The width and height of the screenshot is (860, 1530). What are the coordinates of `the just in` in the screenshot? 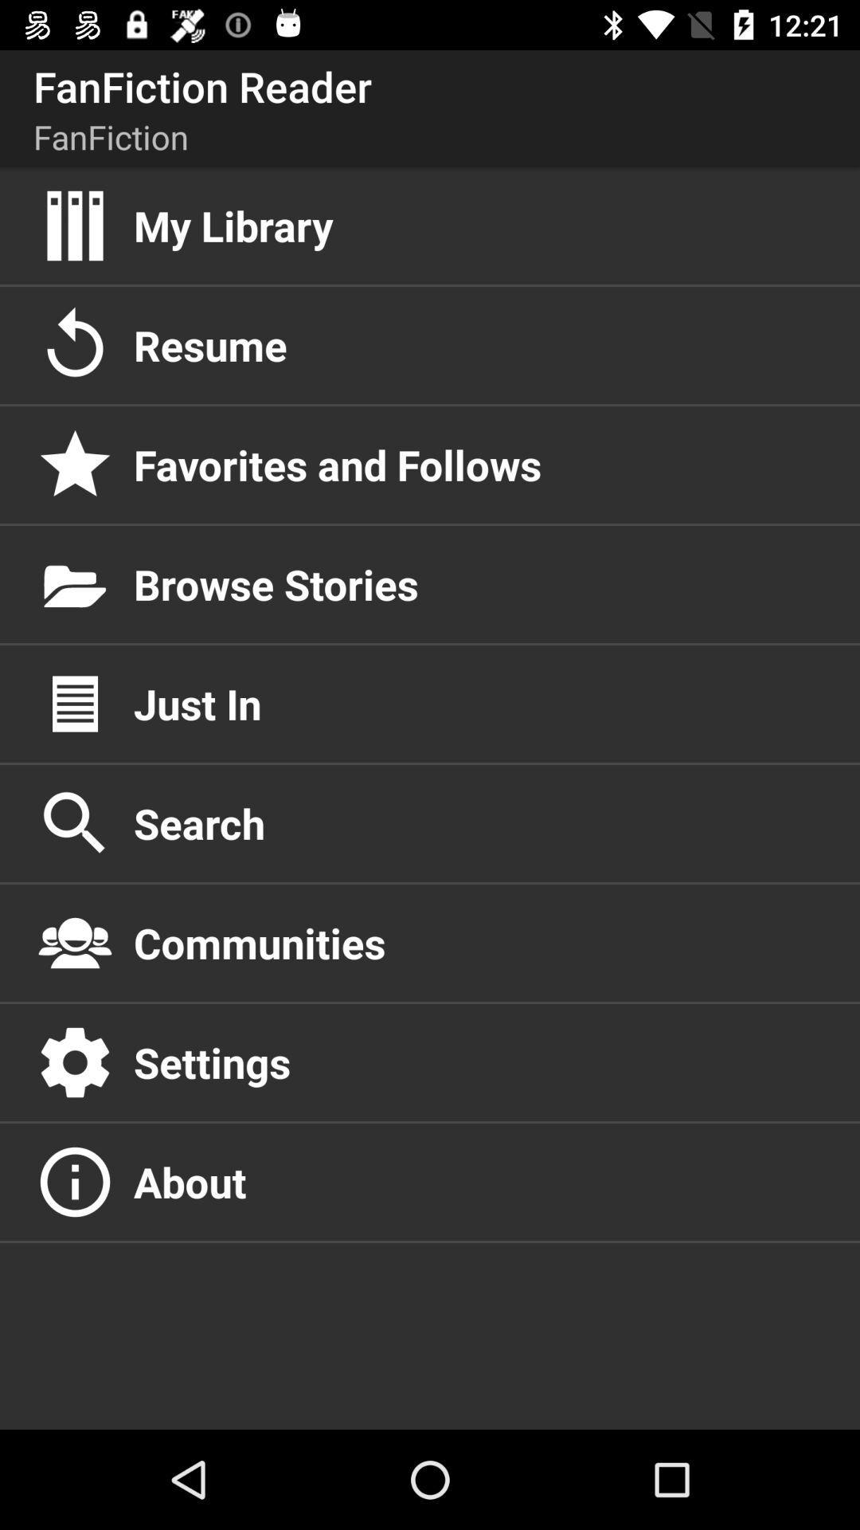 It's located at (479, 703).